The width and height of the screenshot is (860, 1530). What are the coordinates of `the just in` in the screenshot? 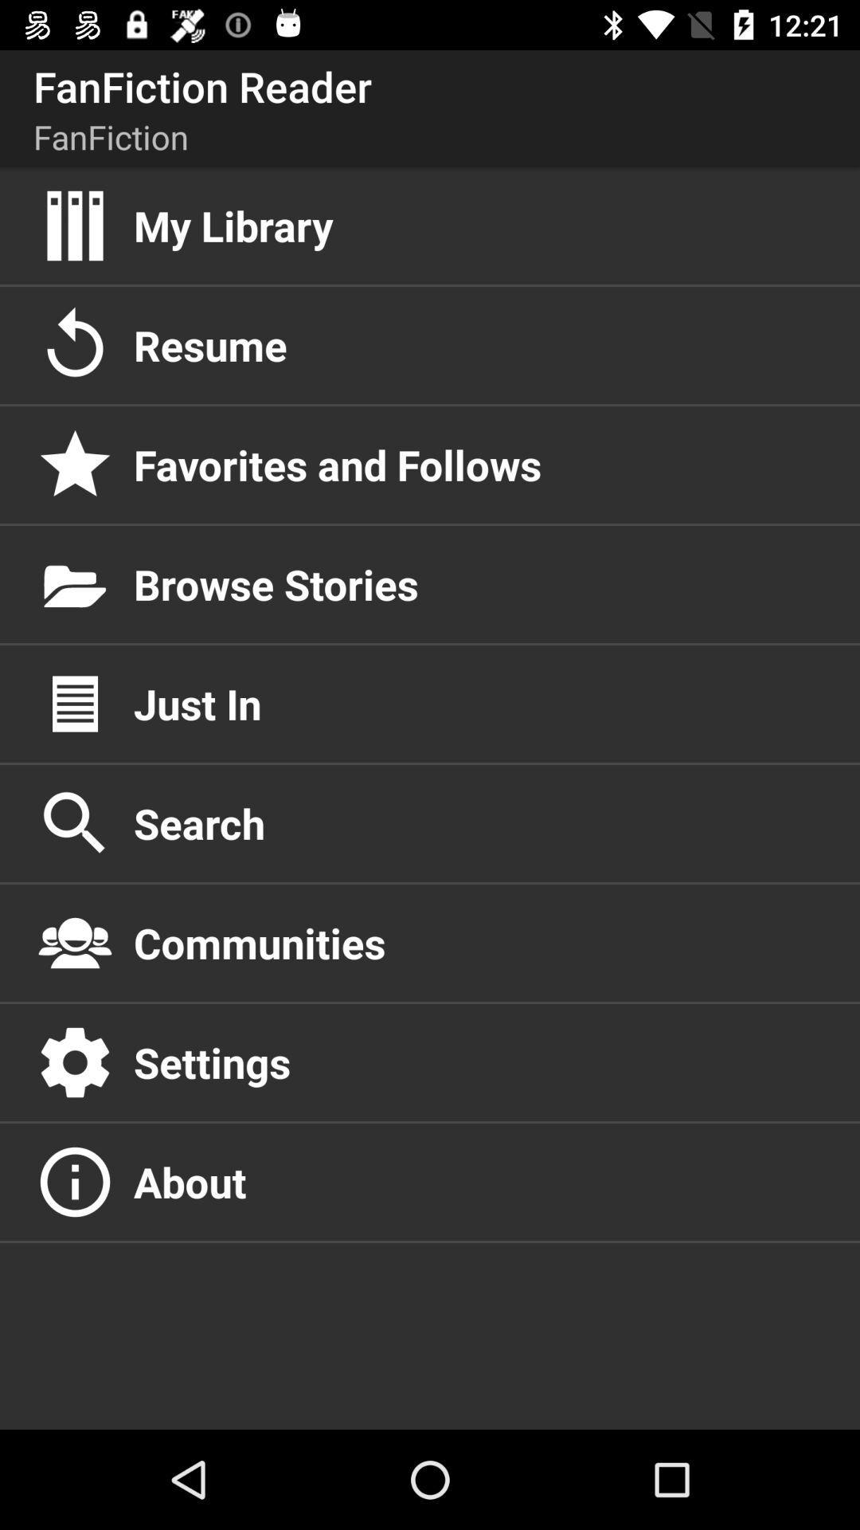 It's located at (479, 703).